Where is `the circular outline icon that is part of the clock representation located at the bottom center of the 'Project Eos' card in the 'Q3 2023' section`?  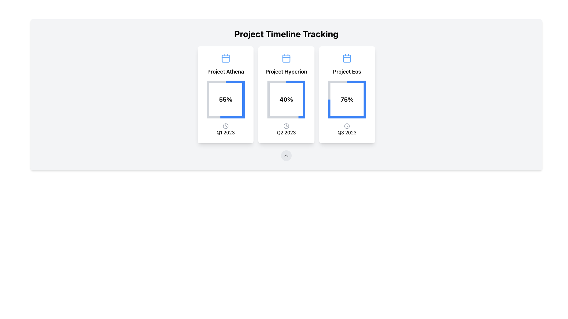 the circular outline icon that is part of the clock representation located at the bottom center of the 'Project Eos' card in the 'Q3 2023' section is located at coordinates (347, 126).